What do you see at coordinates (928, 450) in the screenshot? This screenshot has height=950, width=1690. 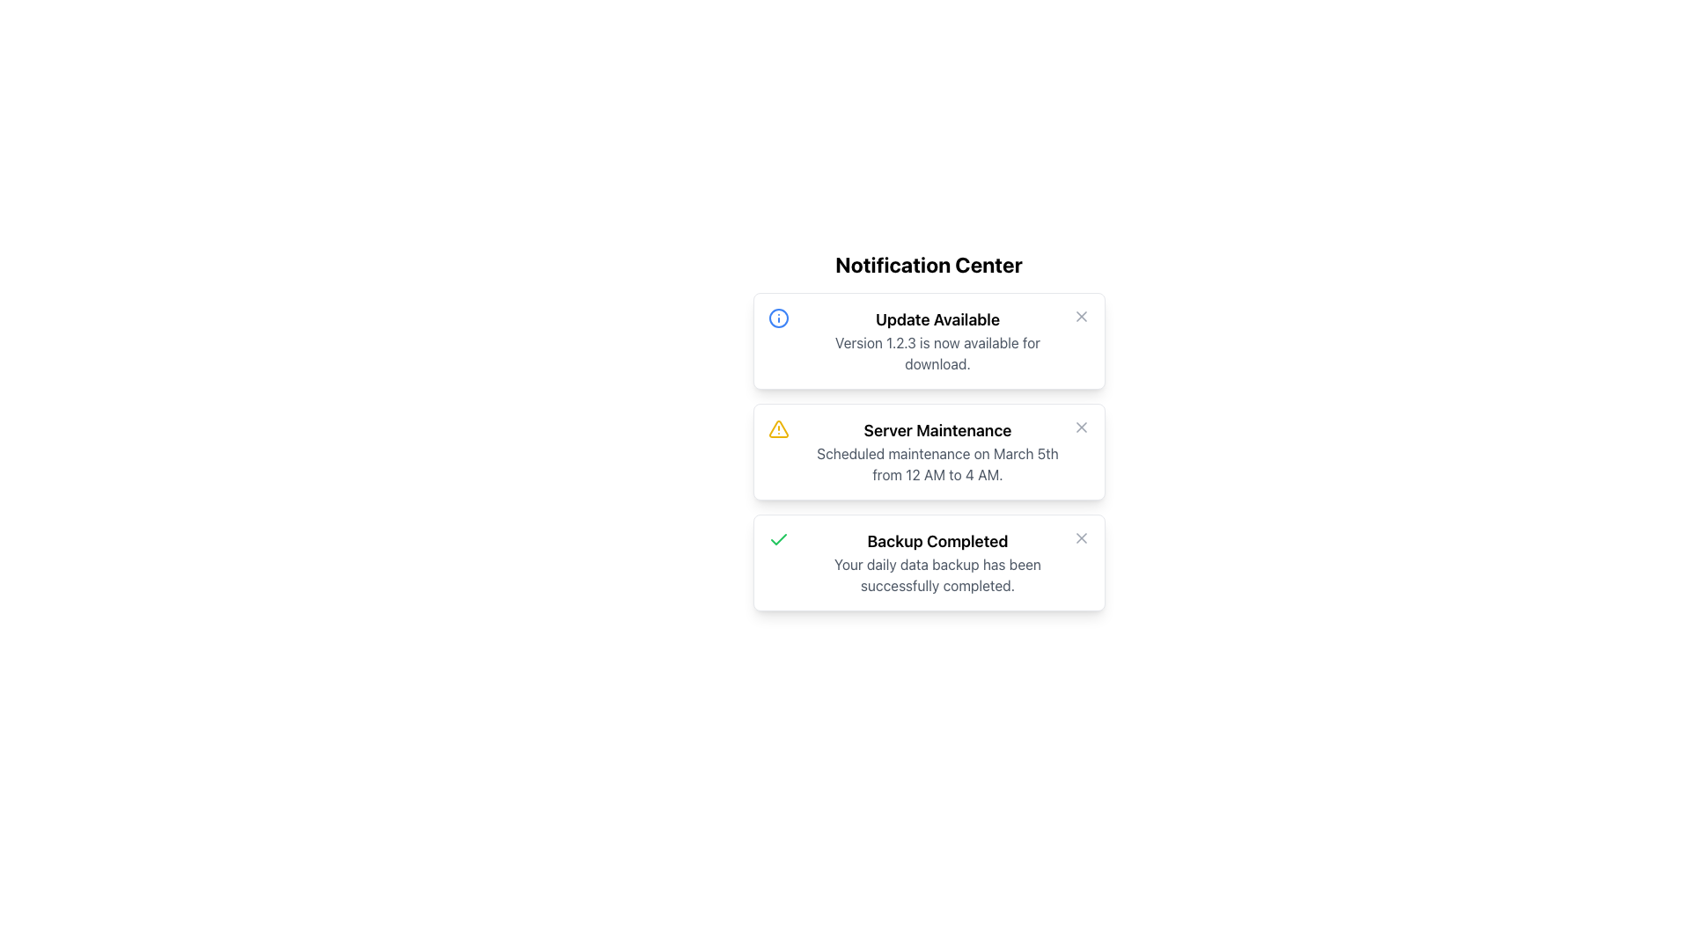 I see `the notification in the Notification Box titled 'Server Maintenance' which contains a warning icon and a description about scheduled maintenance` at bounding box center [928, 450].